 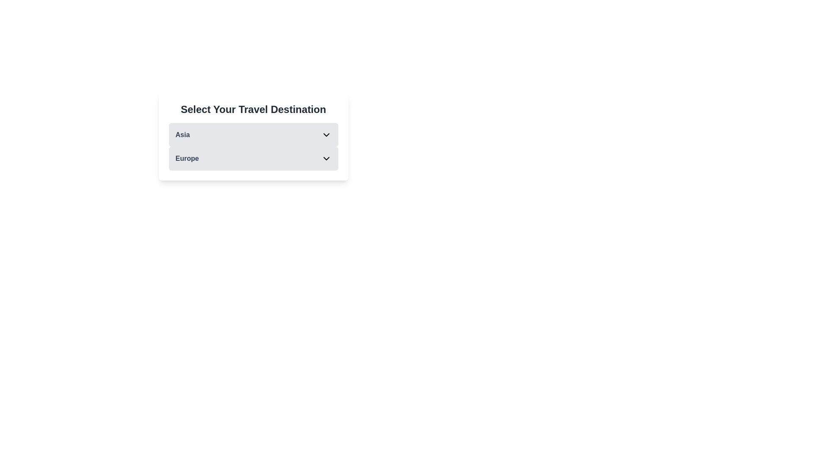 I want to click on the dropdown option labeled 'Asia', so click(x=253, y=135).